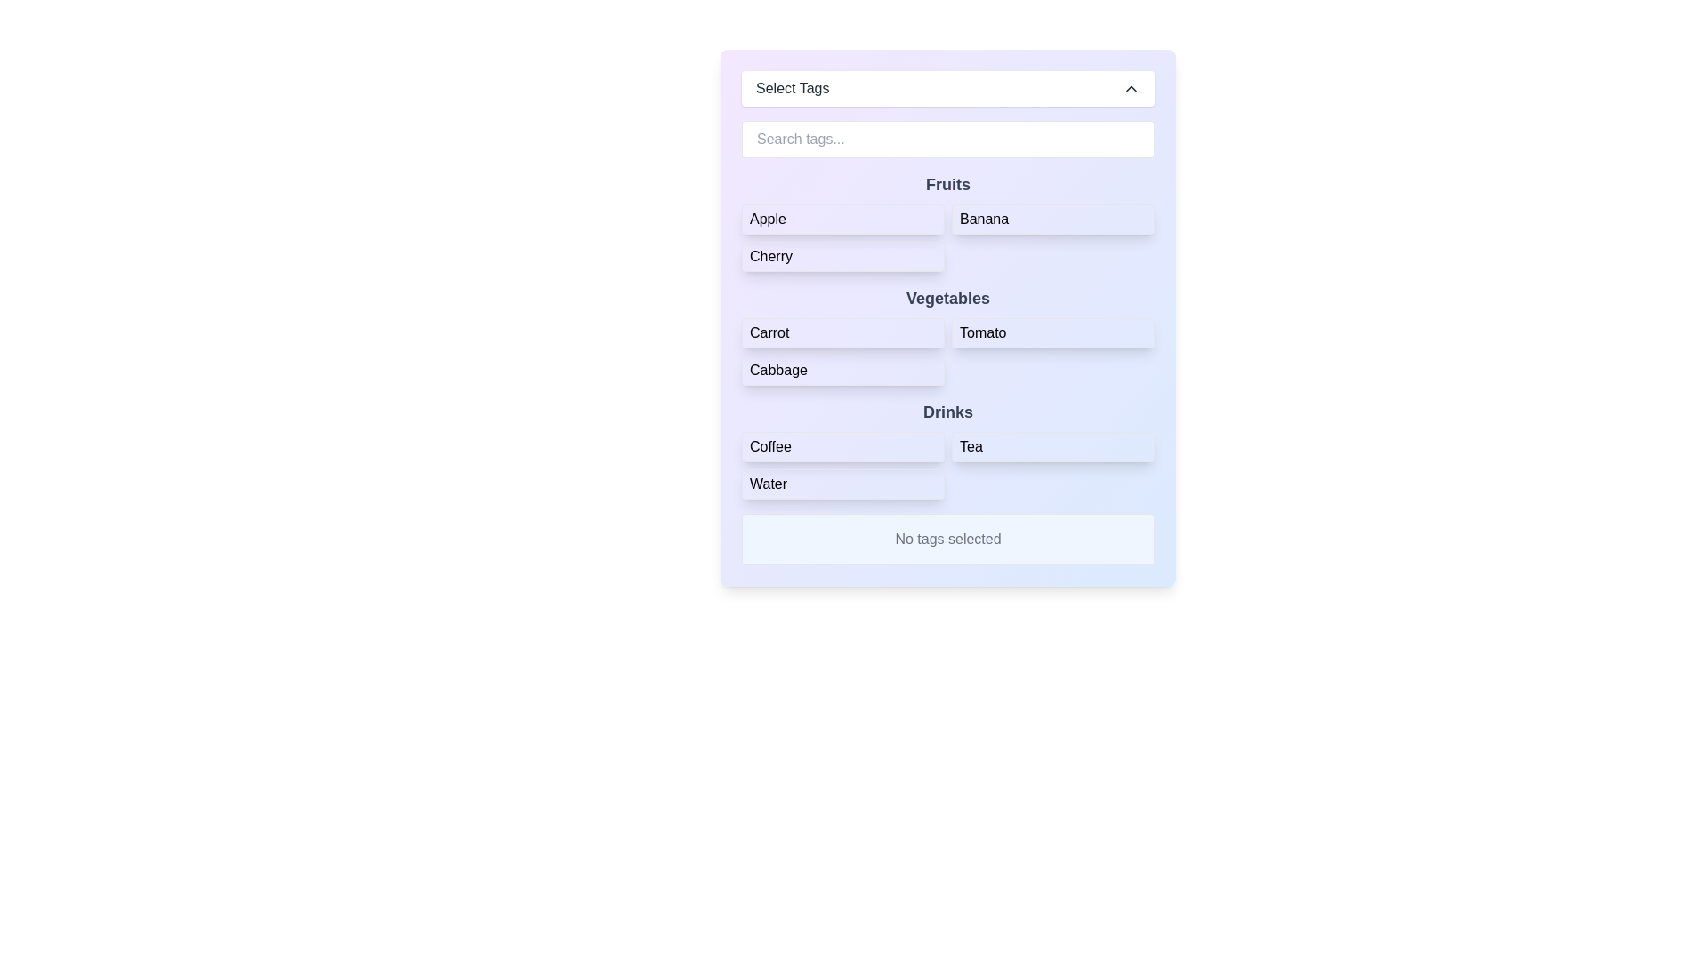 The height and width of the screenshot is (960, 1708). Describe the element at coordinates (842, 484) in the screenshot. I see `the 'Water' button, which is a rectangular button with rounded corners located in the 'Drinks' section` at that location.